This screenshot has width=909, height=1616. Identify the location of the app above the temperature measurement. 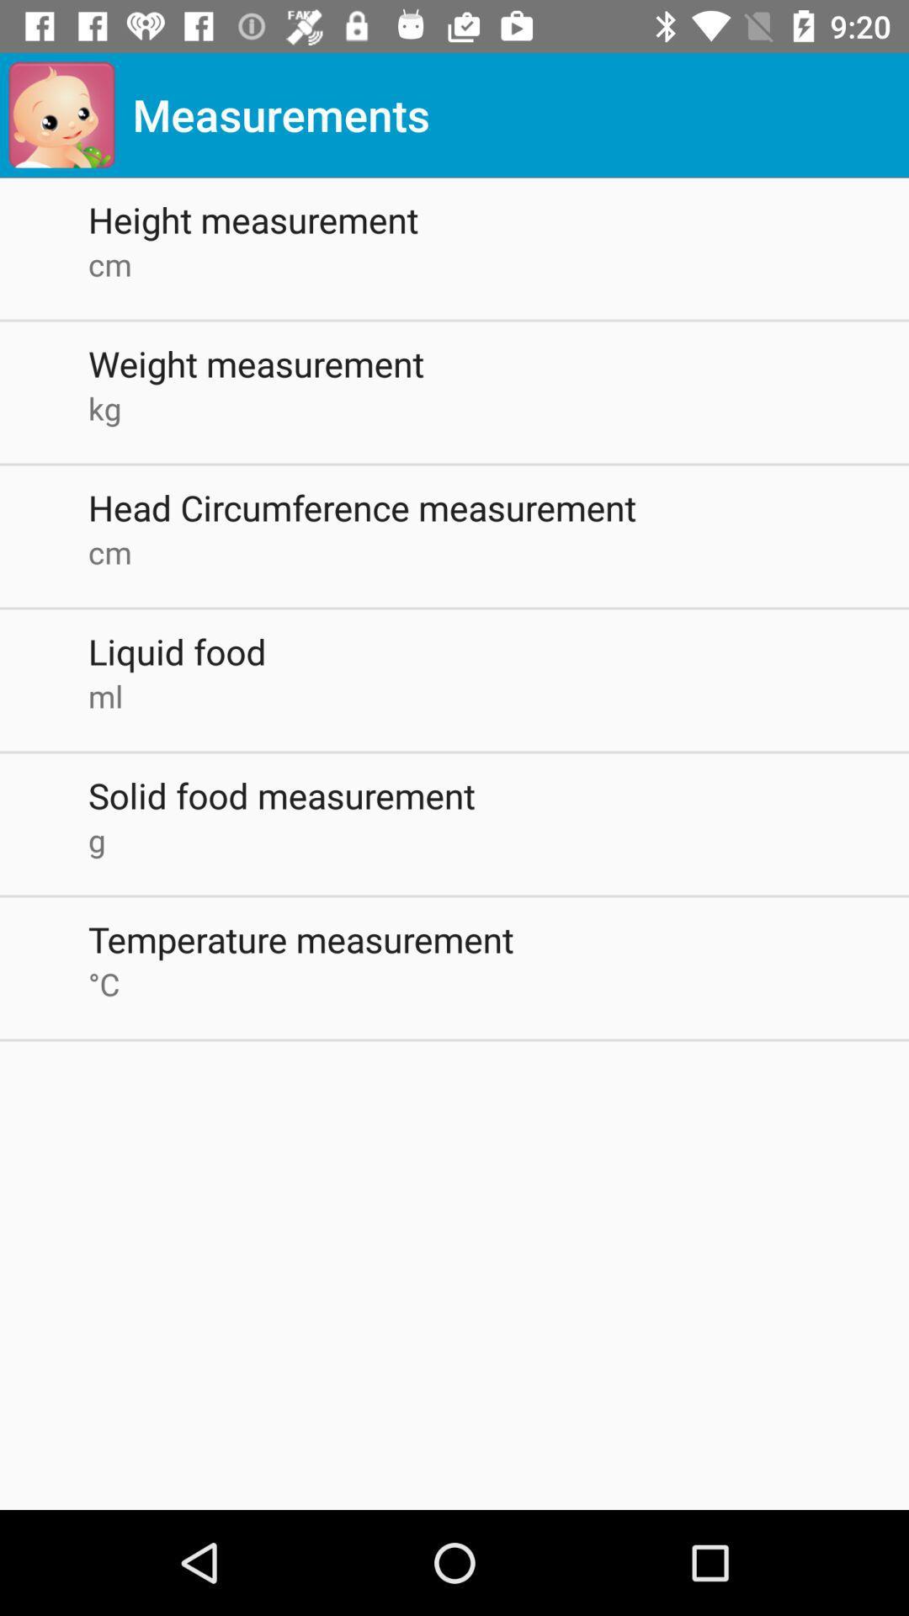
(497, 840).